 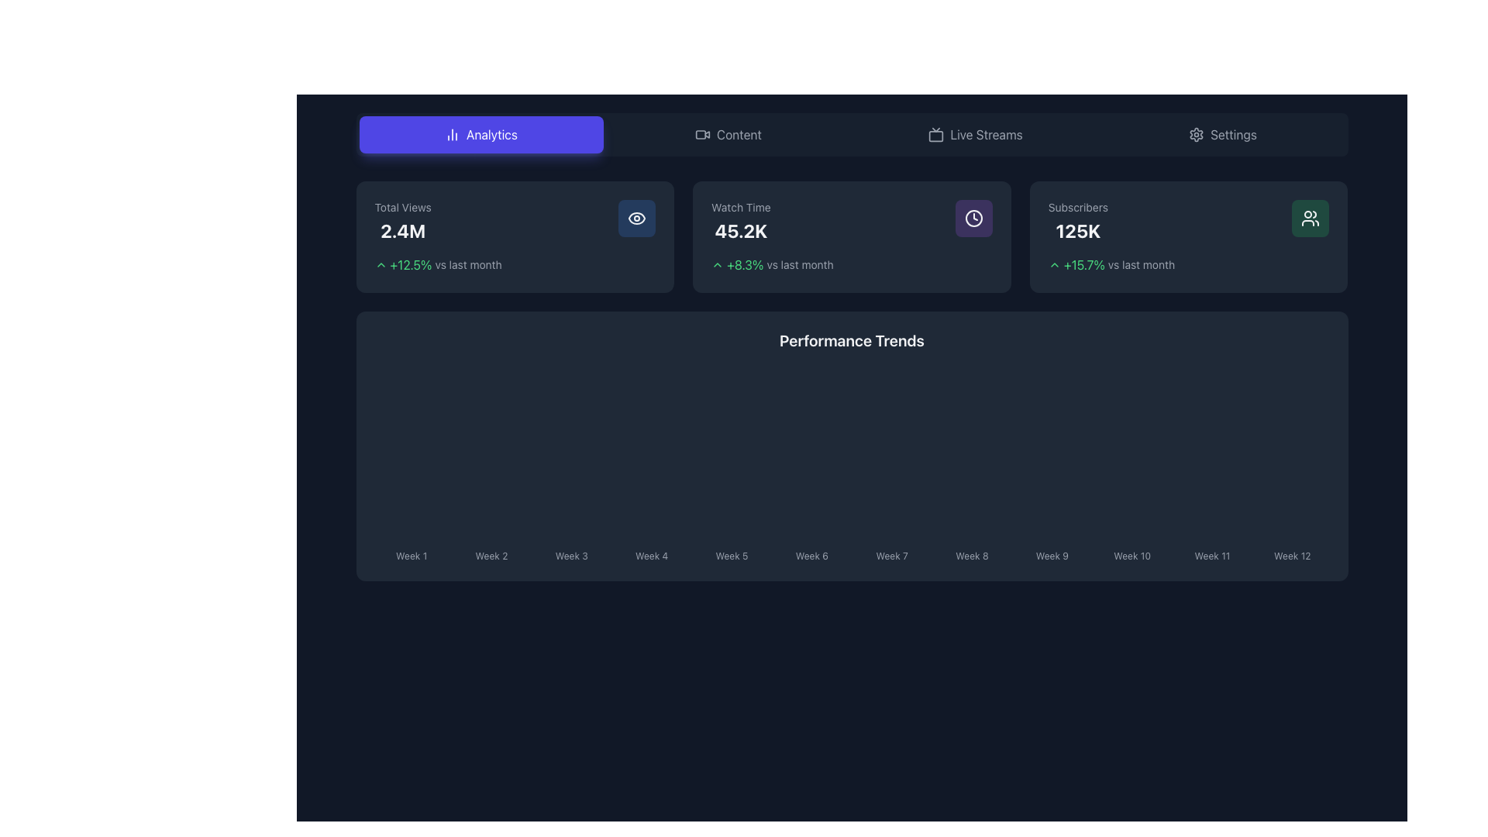 What do you see at coordinates (851, 339) in the screenshot?
I see `the 'Performance Trends' text label, which is a bold header located in the upper middle section of a large card or panel, above performance metrics` at bounding box center [851, 339].